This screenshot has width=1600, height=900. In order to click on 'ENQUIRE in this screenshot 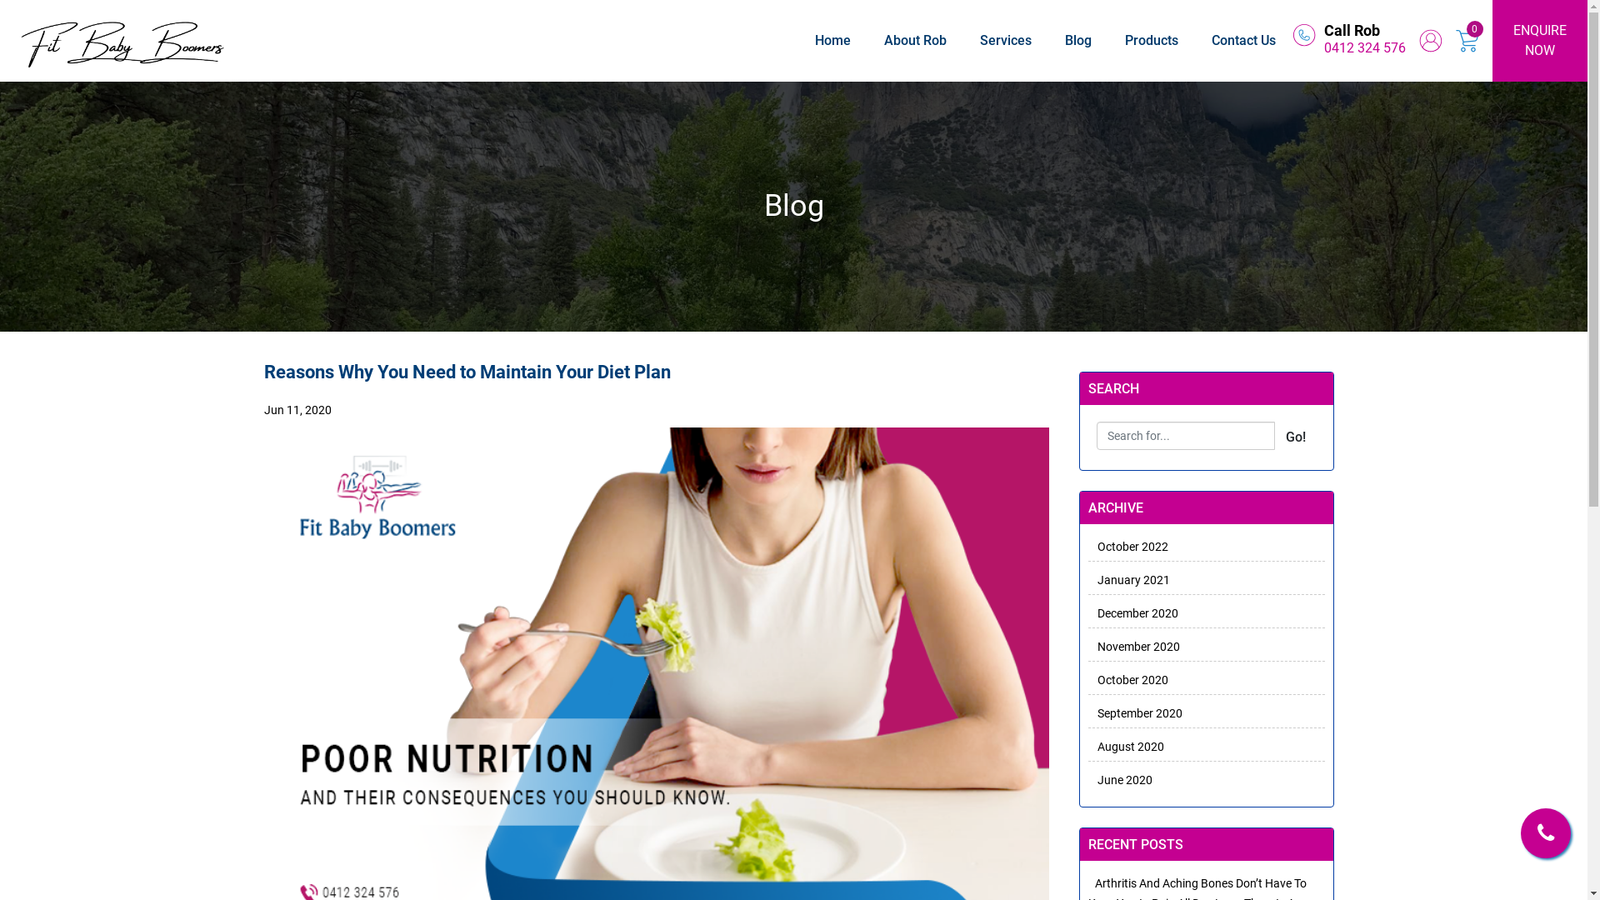, I will do `click(1539, 40)`.